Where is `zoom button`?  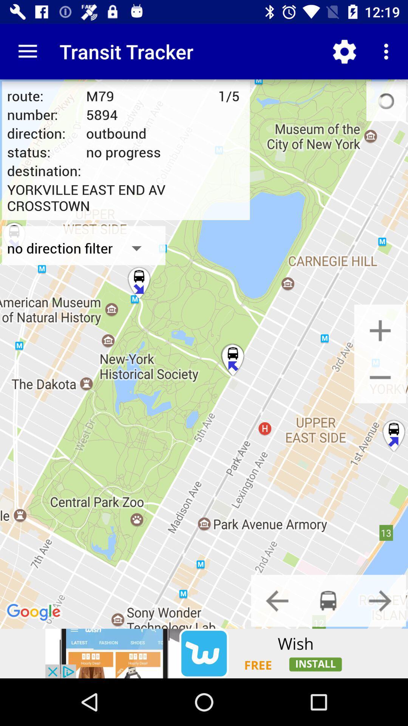
zoom button is located at coordinates (380, 330).